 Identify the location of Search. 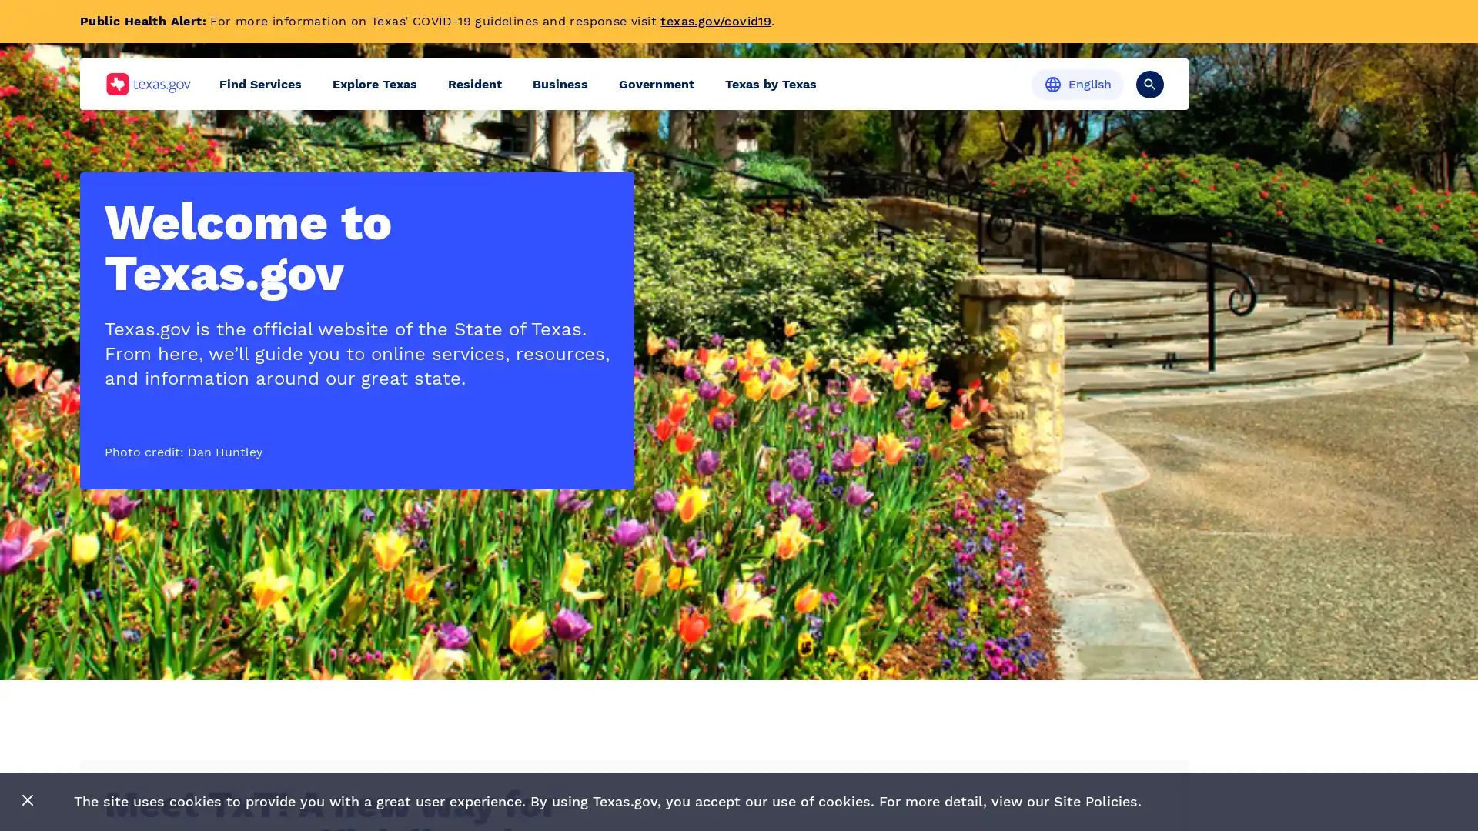
(1149, 83).